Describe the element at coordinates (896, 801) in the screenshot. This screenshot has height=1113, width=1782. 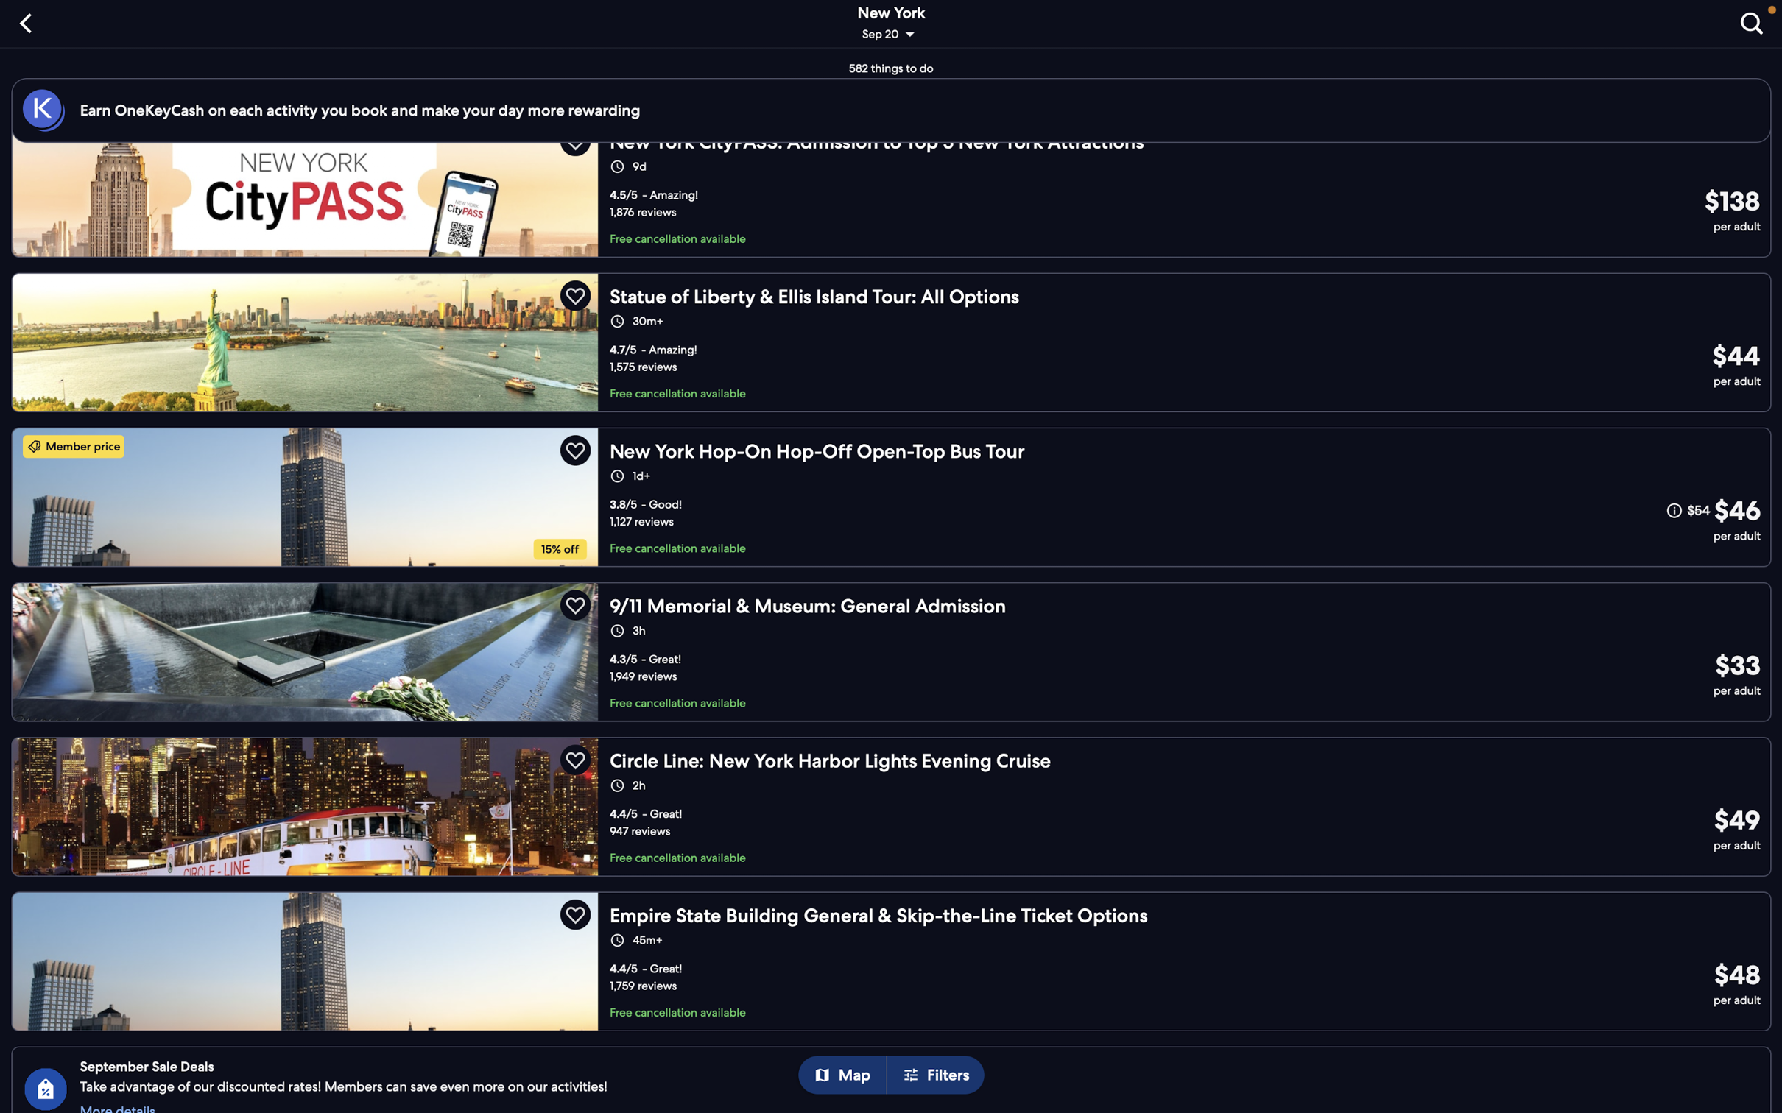
I see `Opt for the circle line tour of New York harbour lights` at that location.